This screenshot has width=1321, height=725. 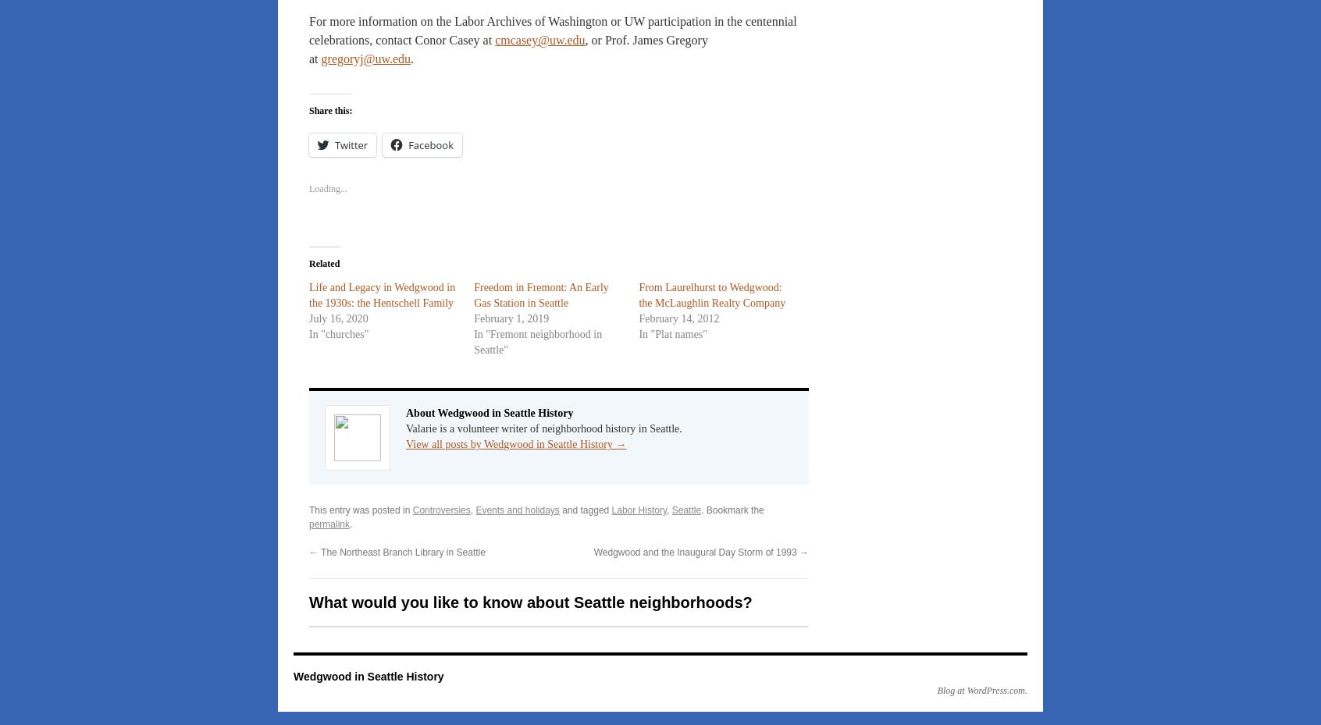 I want to click on 'Valarie is a volunteer writer of neighborhood history in Seattle.', so click(x=543, y=428).